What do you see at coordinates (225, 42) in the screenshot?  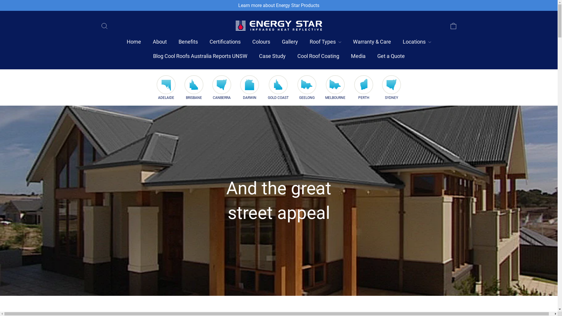 I see `'Certifications'` at bounding box center [225, 42].